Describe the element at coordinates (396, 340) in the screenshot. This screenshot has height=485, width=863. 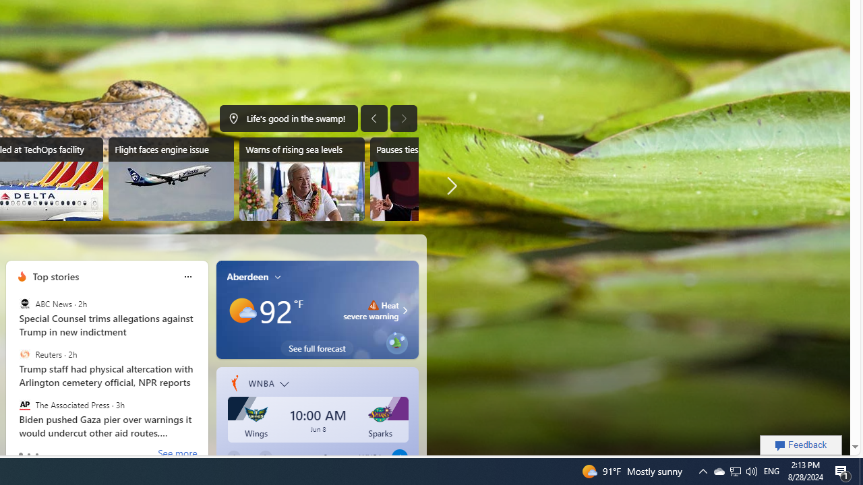
I see `'Class: eplant-img'` at that location.